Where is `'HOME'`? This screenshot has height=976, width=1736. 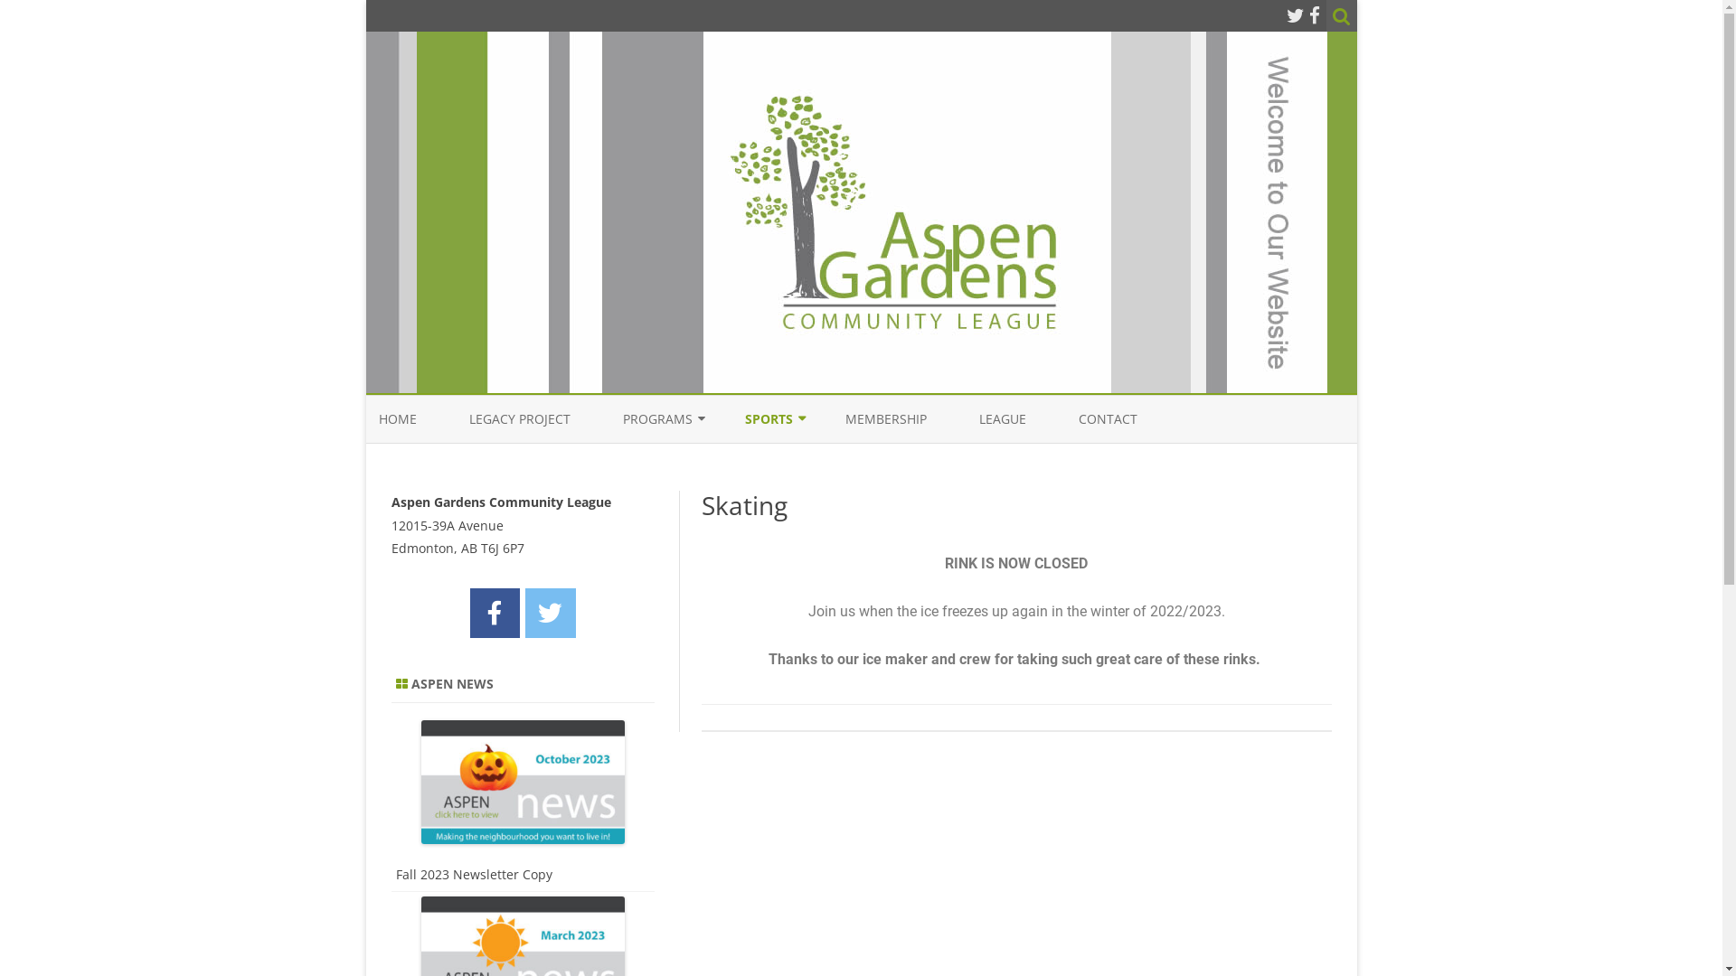 'HOME' is located at coordinates (395, 418).